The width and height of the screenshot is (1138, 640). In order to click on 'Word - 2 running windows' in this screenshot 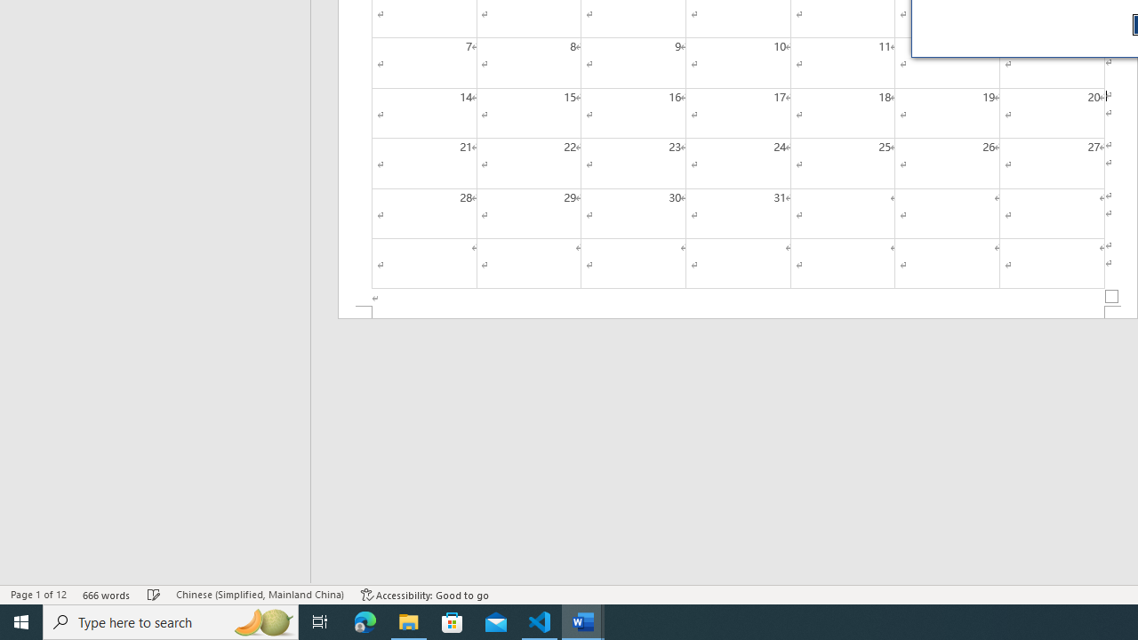, I will do `click(583, 620)`.